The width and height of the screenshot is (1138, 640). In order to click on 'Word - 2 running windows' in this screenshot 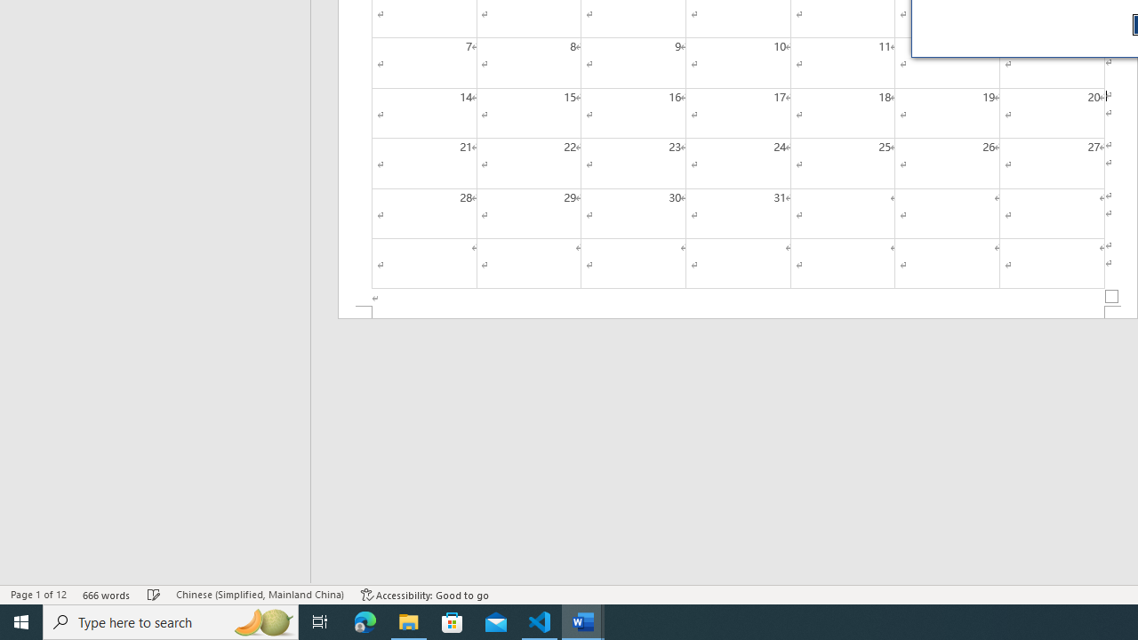, I will do `click(583, 620)`.